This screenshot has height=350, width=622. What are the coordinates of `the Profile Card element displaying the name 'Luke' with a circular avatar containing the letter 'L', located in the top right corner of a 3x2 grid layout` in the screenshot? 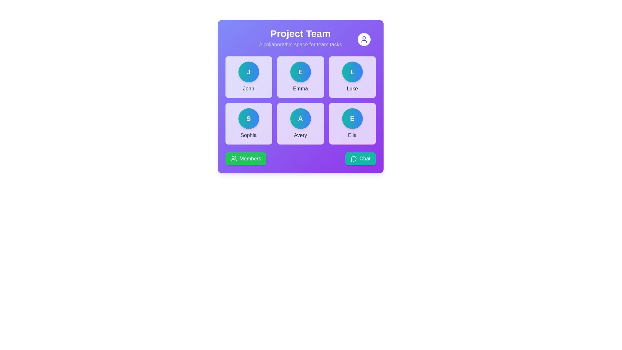 It's located at (352, 77).